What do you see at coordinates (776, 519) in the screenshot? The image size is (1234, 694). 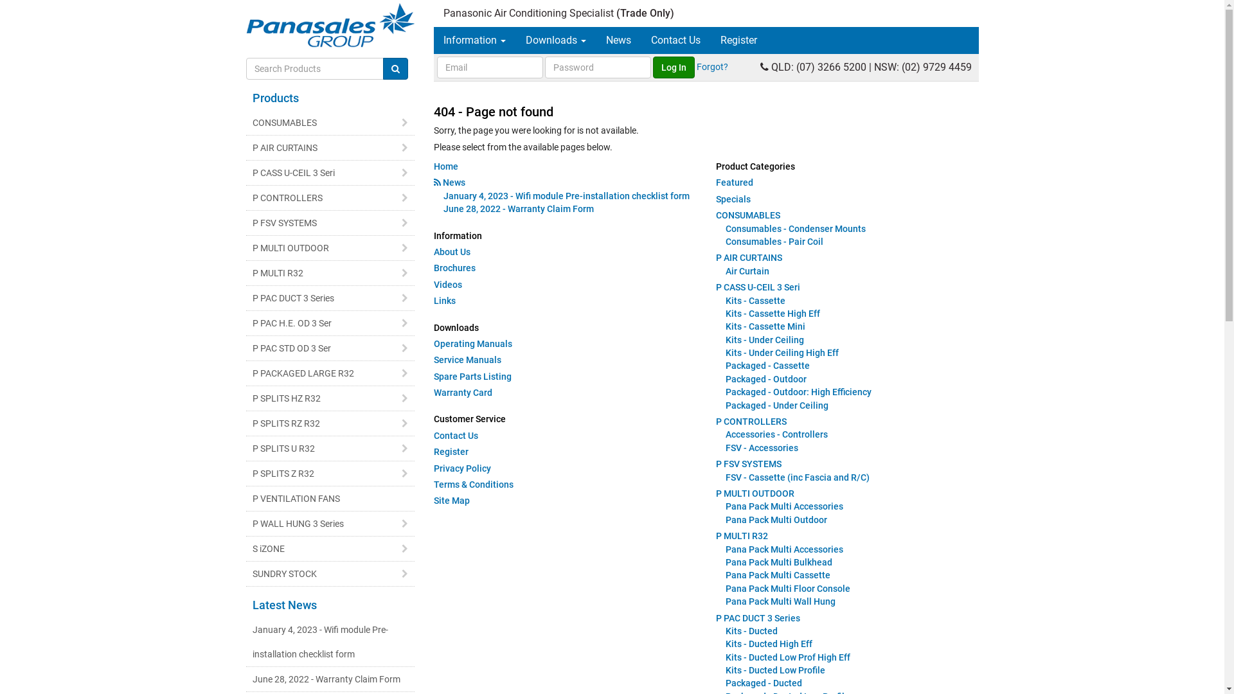 I see `'Pana Pack Multi Outdoor'` at bounding box center [776, 519].